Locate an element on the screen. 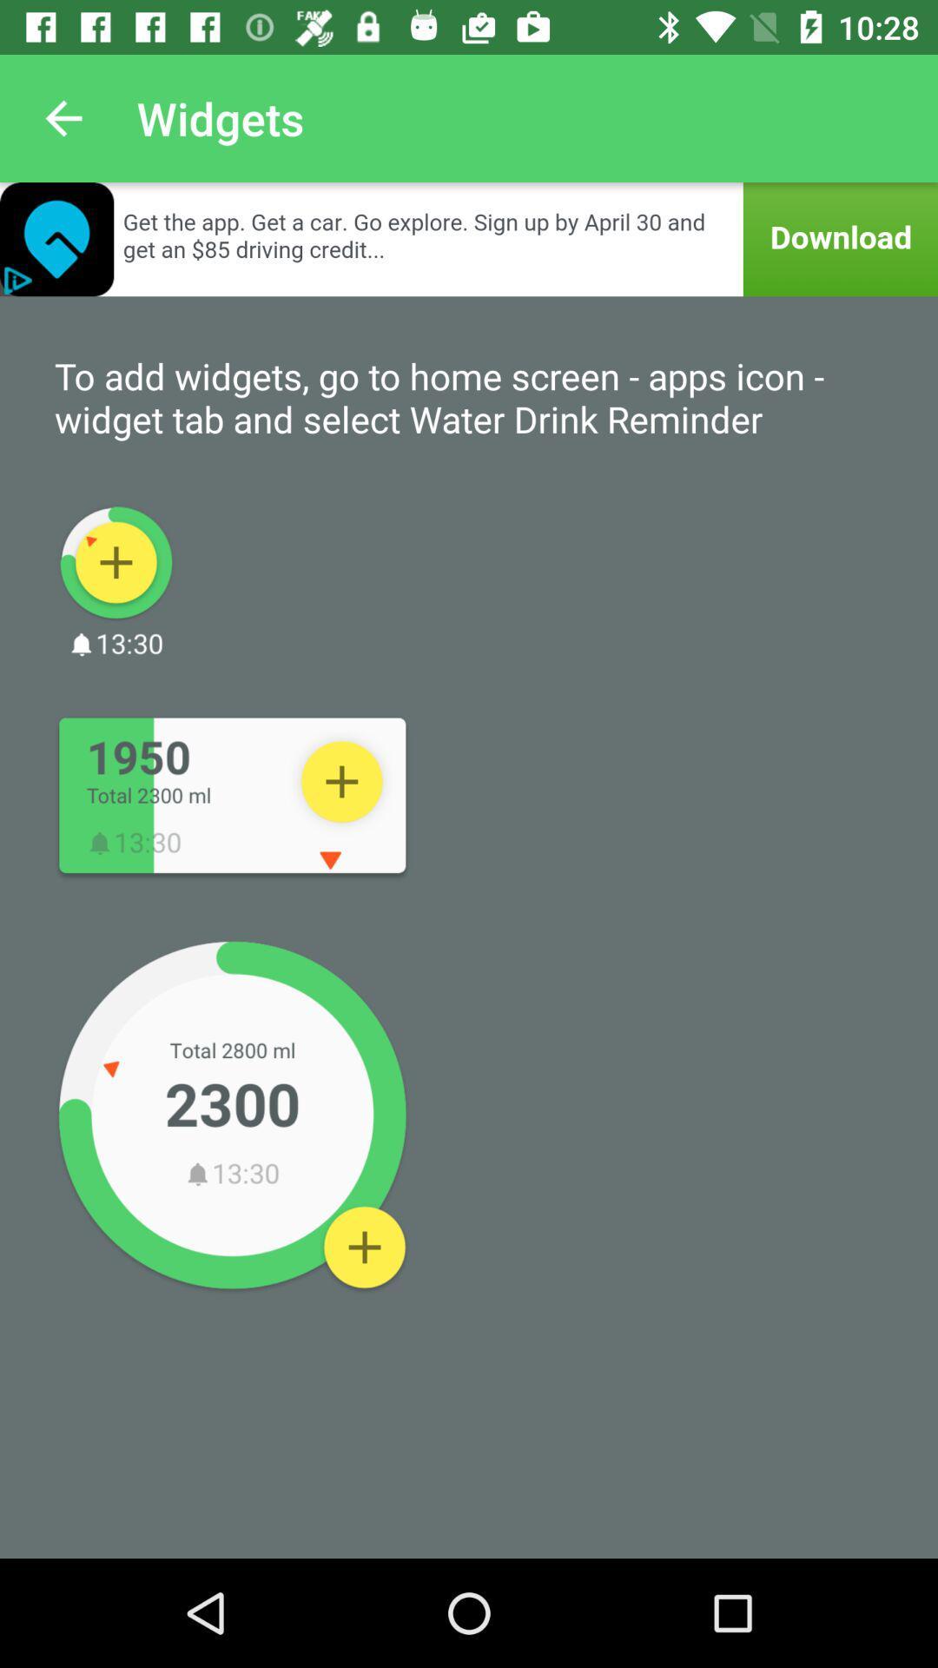 This screenshot has width=938, height=1668. the item above the to add widgets item is located at coordinates (469, 238).